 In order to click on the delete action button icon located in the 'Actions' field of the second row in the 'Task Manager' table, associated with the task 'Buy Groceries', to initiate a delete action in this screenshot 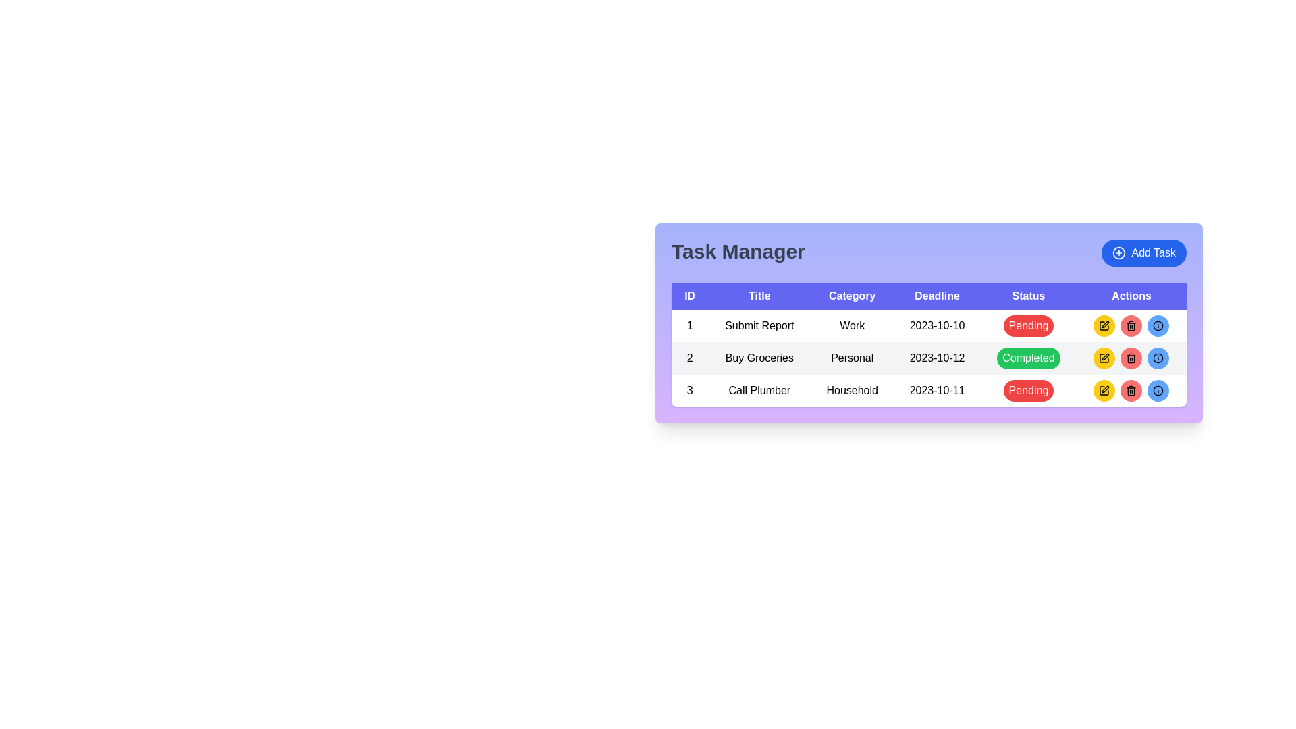, I will do `click(1131, 358)`.